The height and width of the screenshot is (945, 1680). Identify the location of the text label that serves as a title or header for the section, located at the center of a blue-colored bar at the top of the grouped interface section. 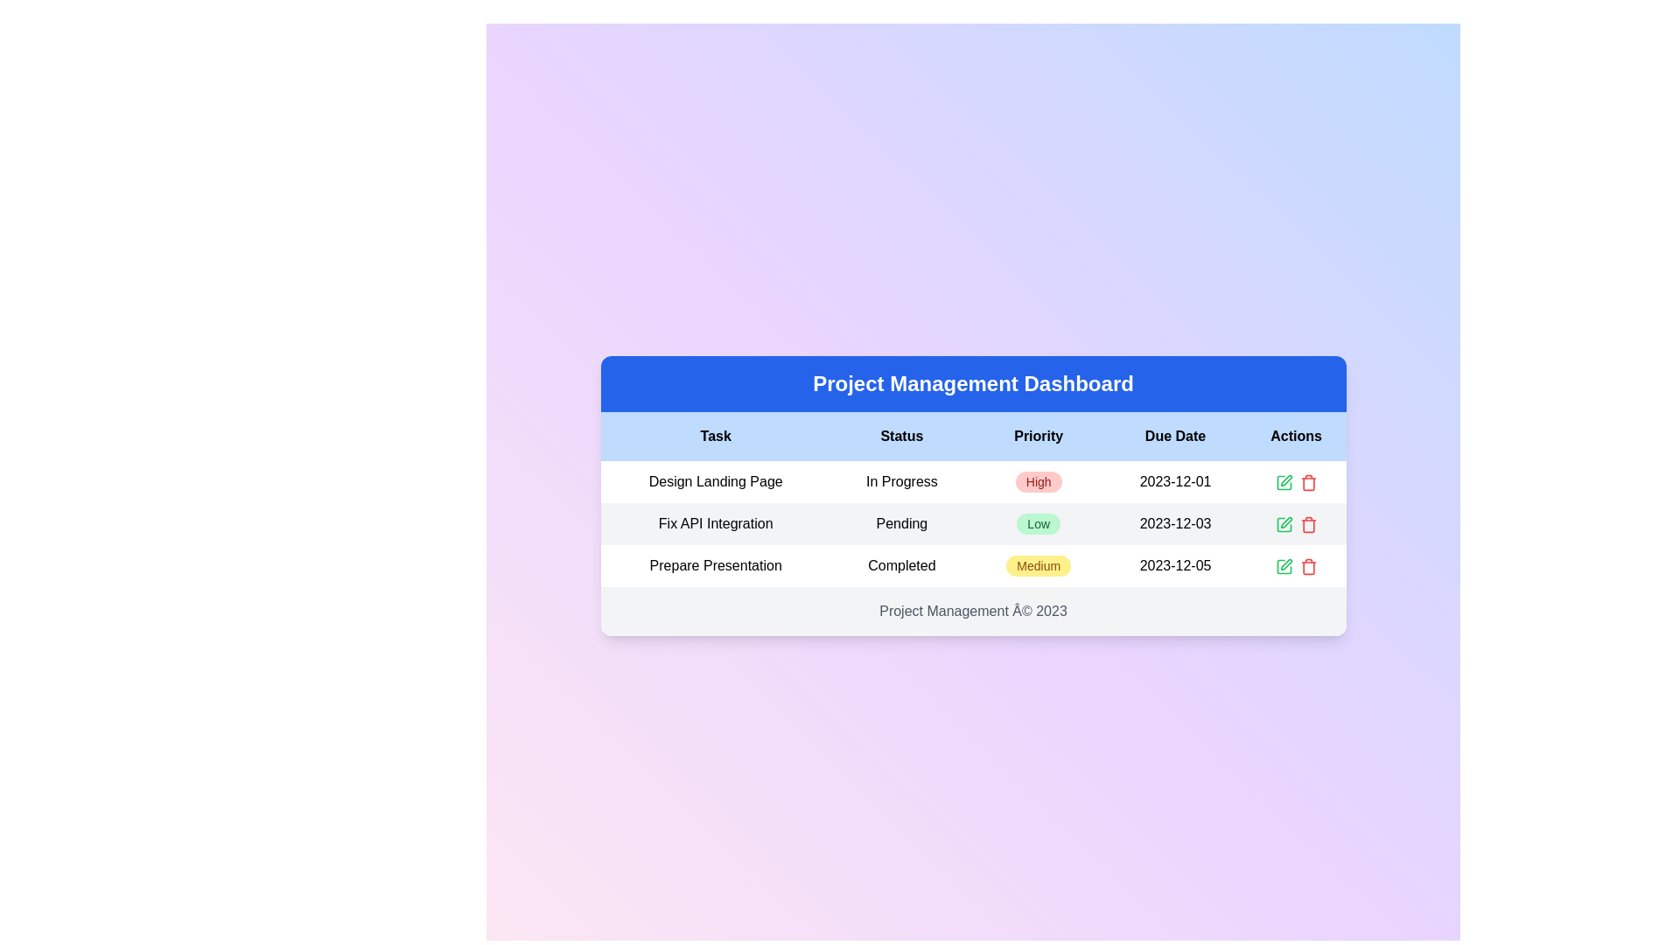
(972, 383).